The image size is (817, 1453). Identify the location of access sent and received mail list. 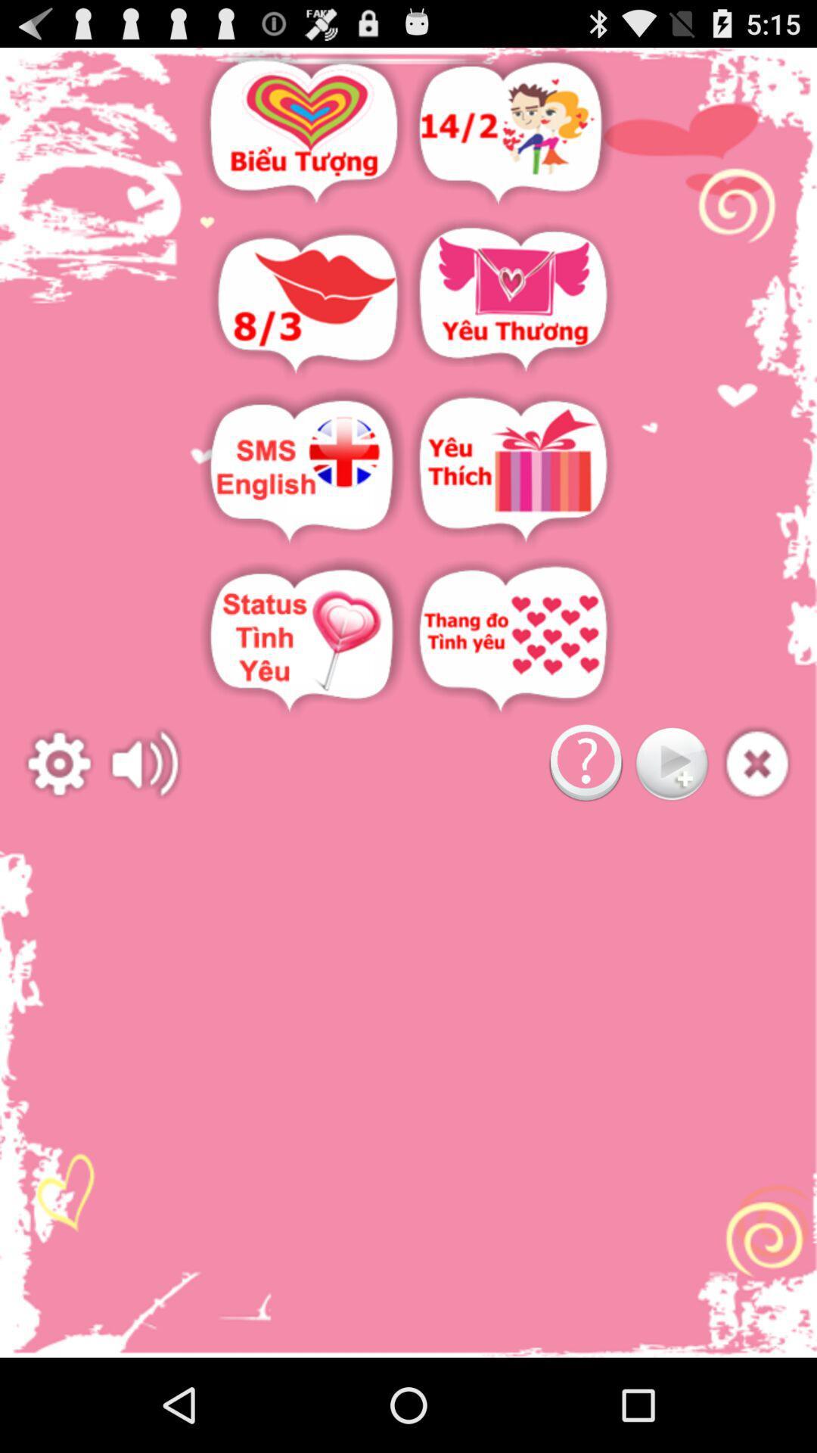
(512, 301).